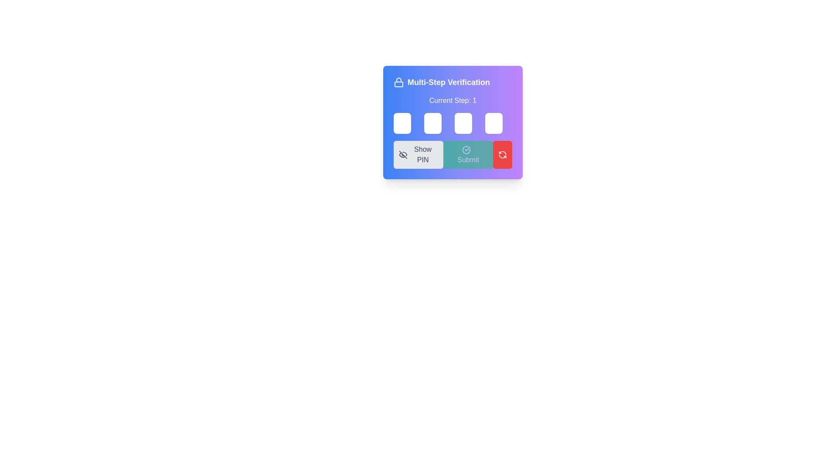  What do you see at coordinates (398, 82) in the screenshot?
I see `the 'Multi-Step Verification' icon located at the upper-left side of the panel, which symbolizes the security feature` at bounding box center [398, 82].